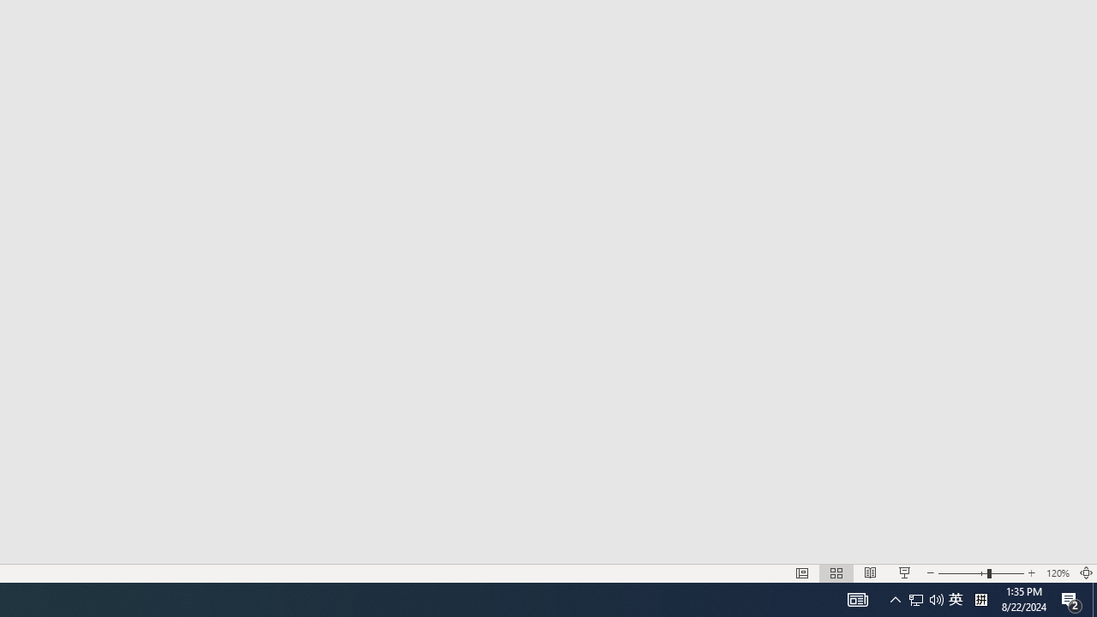 The height and width of the screenshot is (617, 1097). Describe the element at coordinates (904, 573) in the screenshot. I see `'Slide Show'` at that location.